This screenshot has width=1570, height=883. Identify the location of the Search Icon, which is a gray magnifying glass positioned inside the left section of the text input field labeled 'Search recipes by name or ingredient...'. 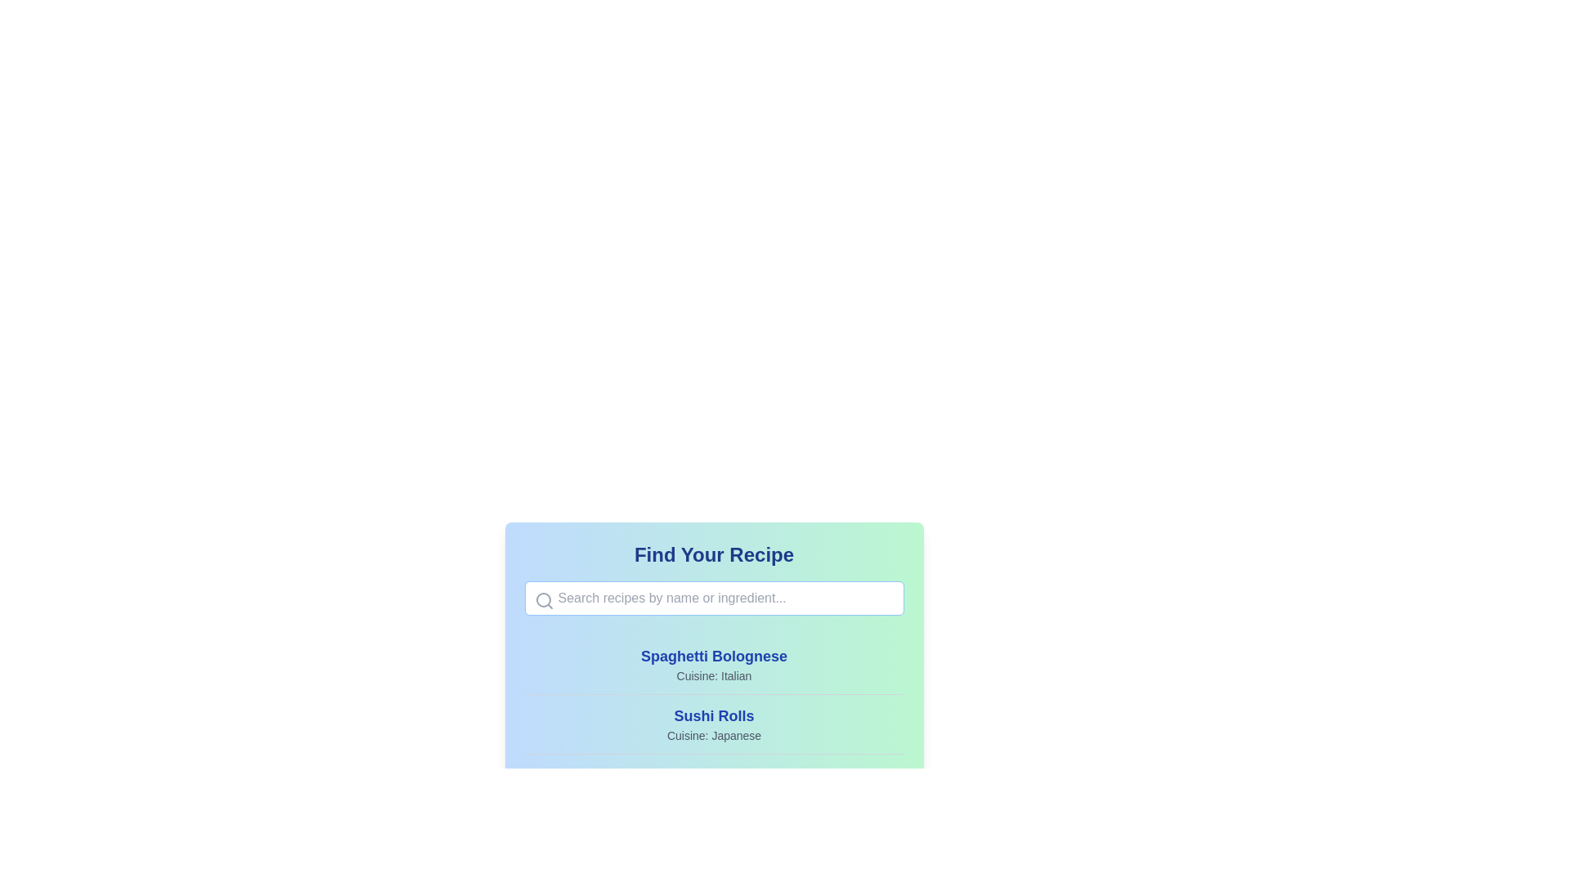
(544, 601).